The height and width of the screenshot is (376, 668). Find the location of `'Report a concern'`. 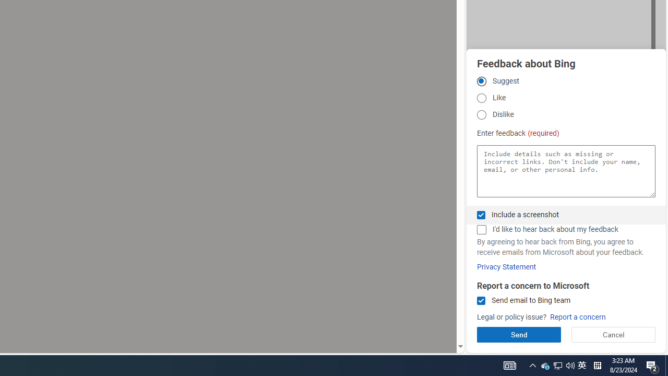

'Report a concern' is located at coordinates (577, 316).